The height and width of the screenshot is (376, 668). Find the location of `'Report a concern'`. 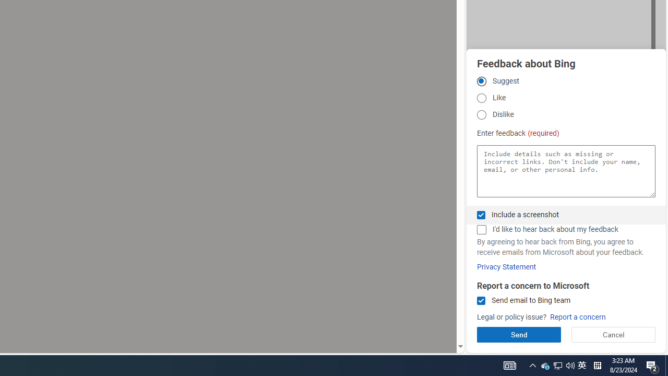

'Report a concern' is located at coordinates (577, 316).